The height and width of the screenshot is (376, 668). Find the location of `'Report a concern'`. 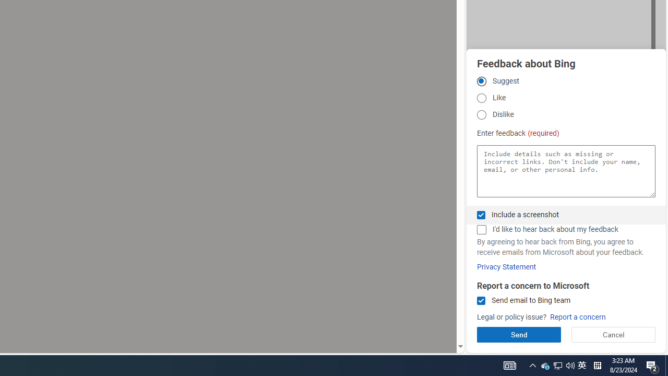

'Report a concern' is located at coordinates (577, 316).